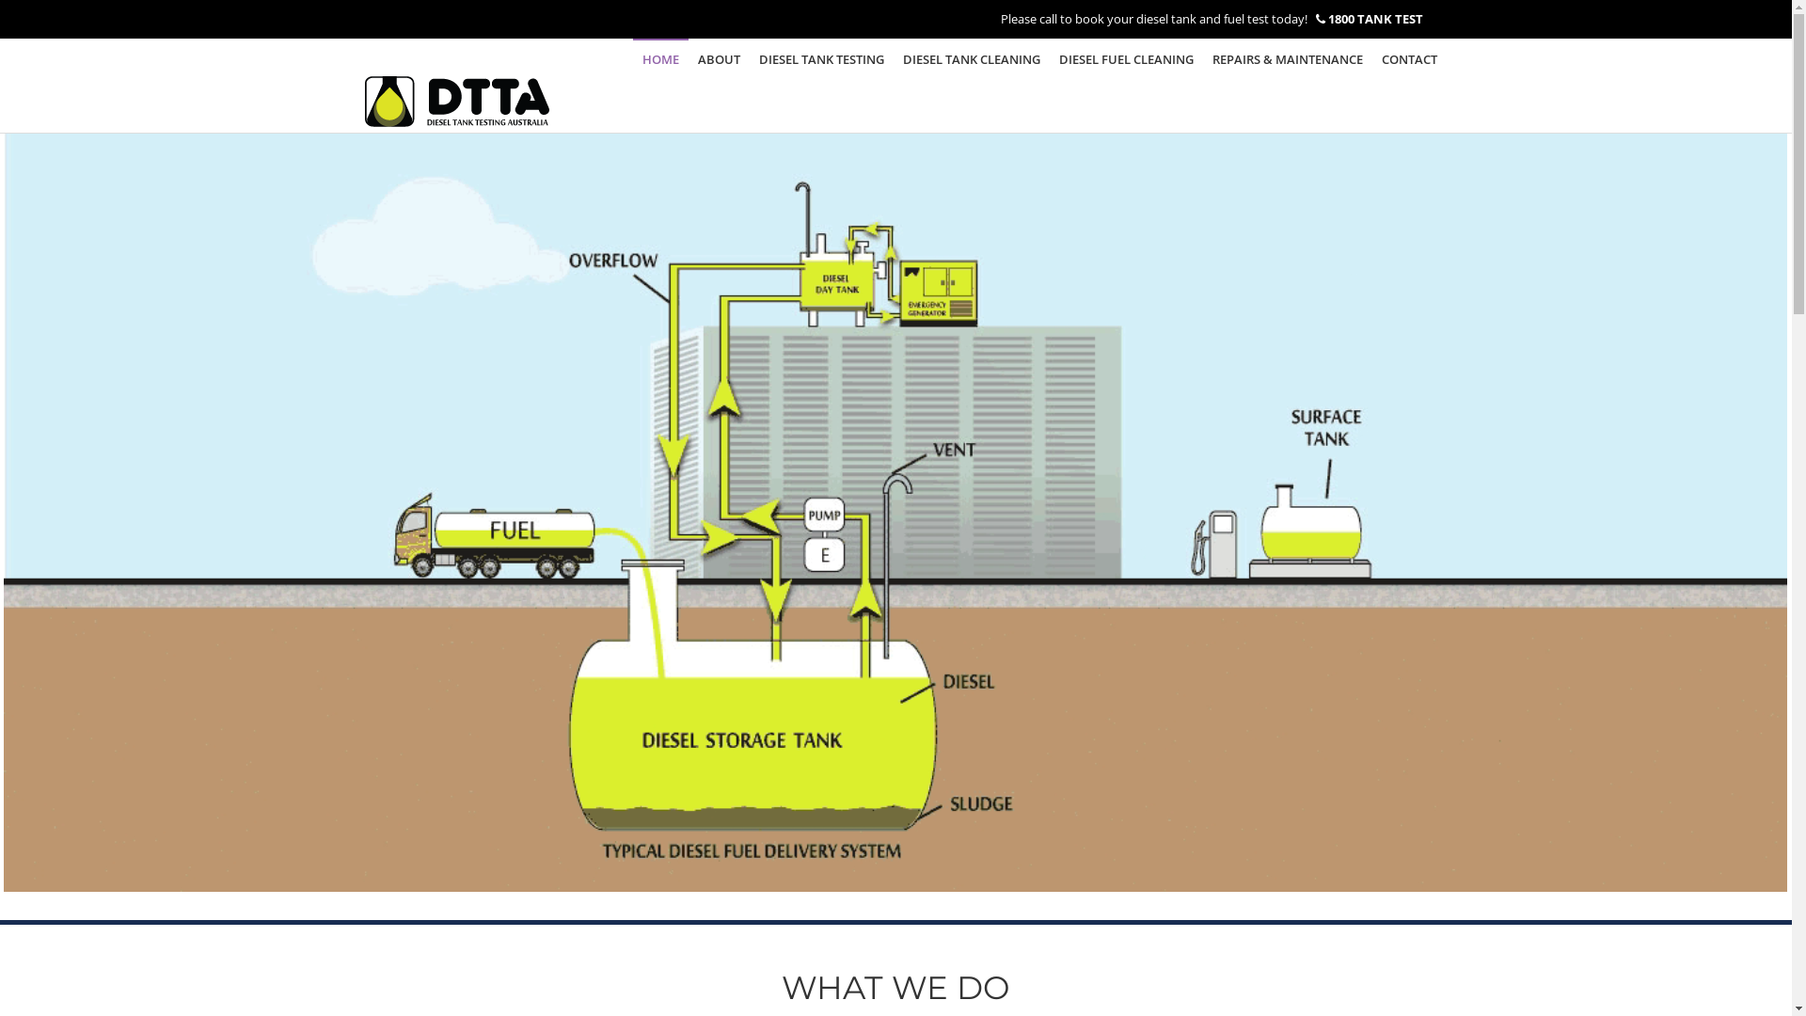 This screenshot has height=1016, width=1806. What do you see at coordinates (718, 57) in the screenshot?
I see `'ABOUT'` at bounding box center [718, 57].